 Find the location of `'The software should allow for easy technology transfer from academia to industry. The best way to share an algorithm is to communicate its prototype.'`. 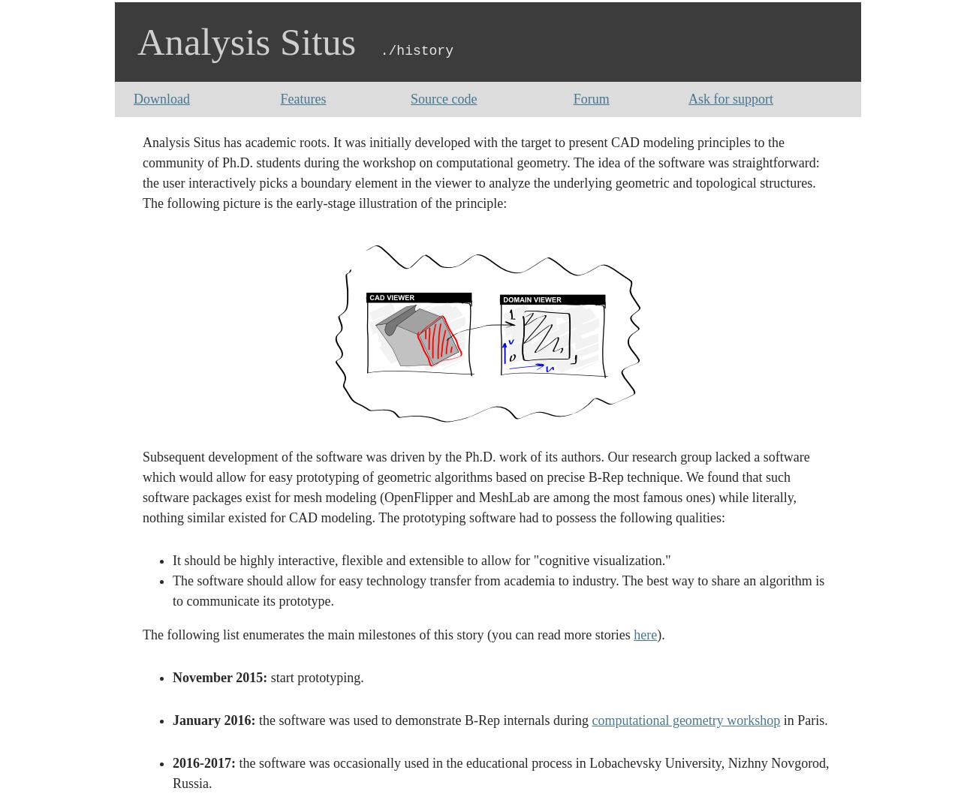

'The software should allow for easy technology transfer from academia to industry. The best way to share an algorithm is to communicate its prototype.' is located at coordinates (171, 590).